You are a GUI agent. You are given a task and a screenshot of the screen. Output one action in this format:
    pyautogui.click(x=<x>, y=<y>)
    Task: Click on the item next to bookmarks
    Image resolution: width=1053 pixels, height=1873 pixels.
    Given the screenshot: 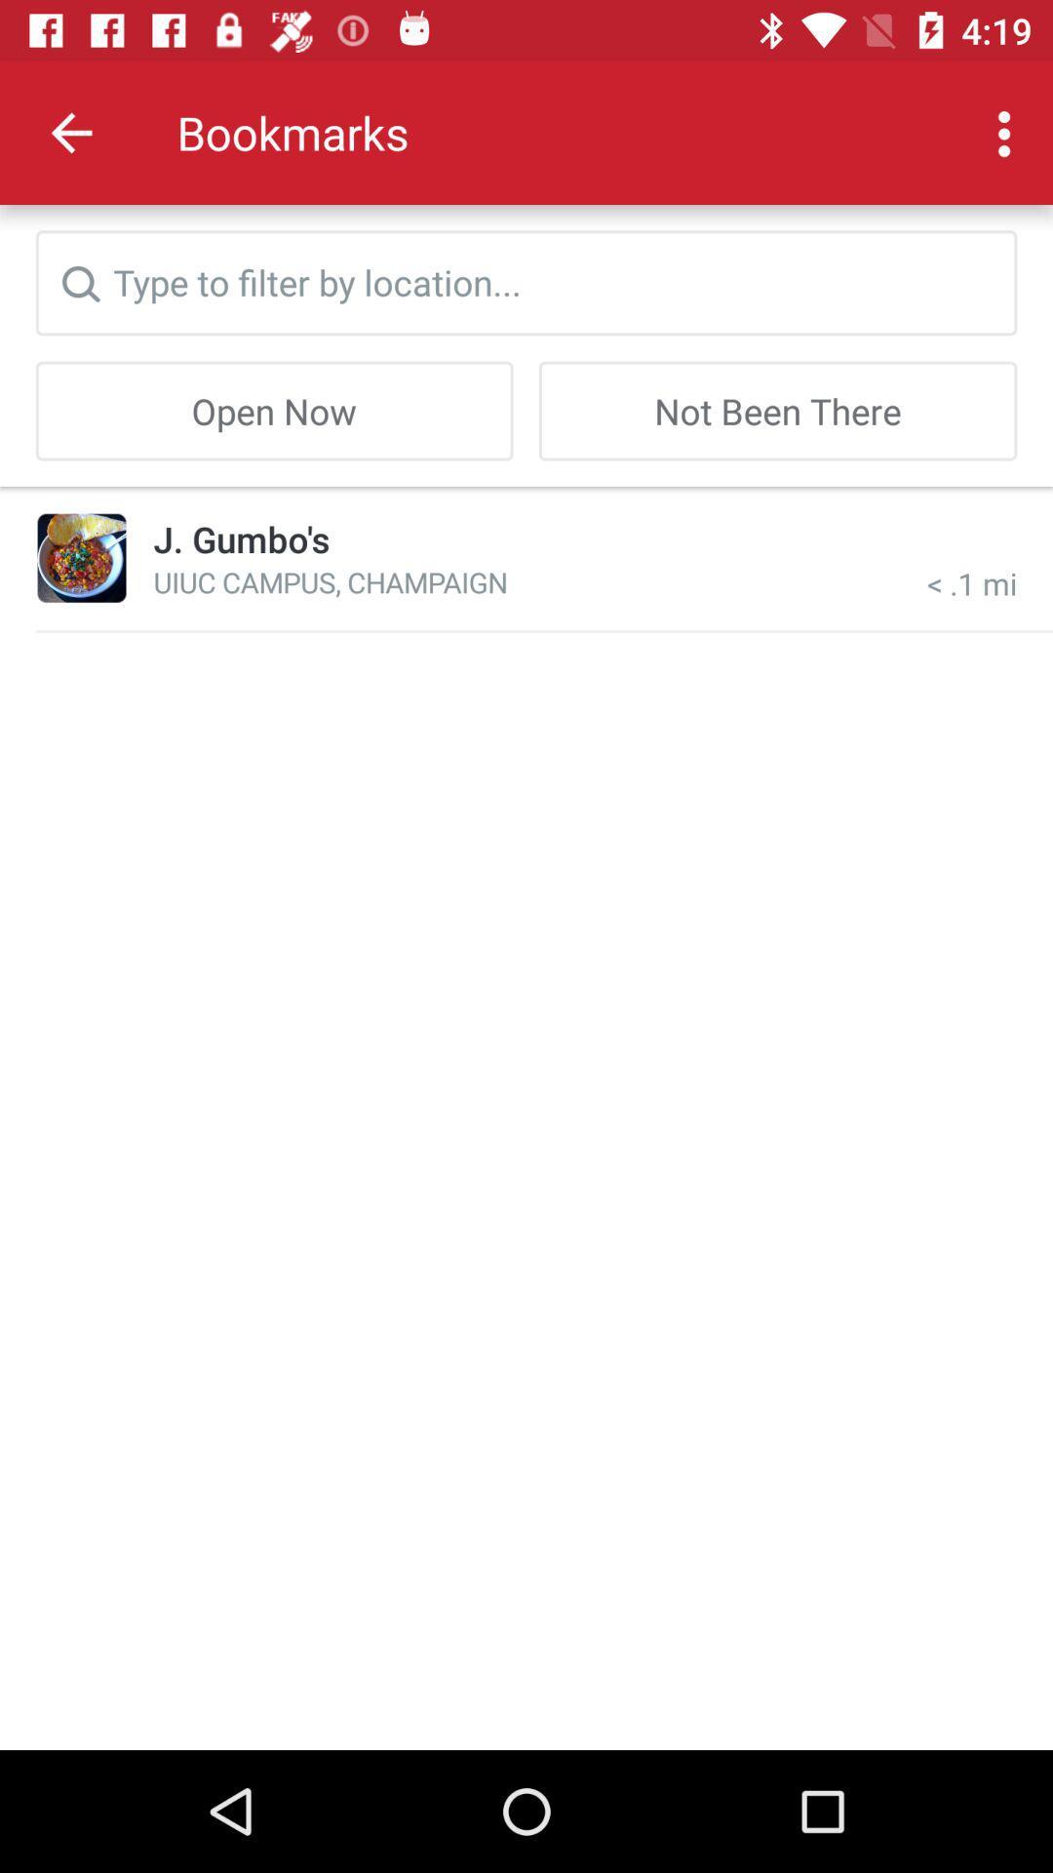 What is the action you would take?
    pyautogui.click(x=70, y=132)
    